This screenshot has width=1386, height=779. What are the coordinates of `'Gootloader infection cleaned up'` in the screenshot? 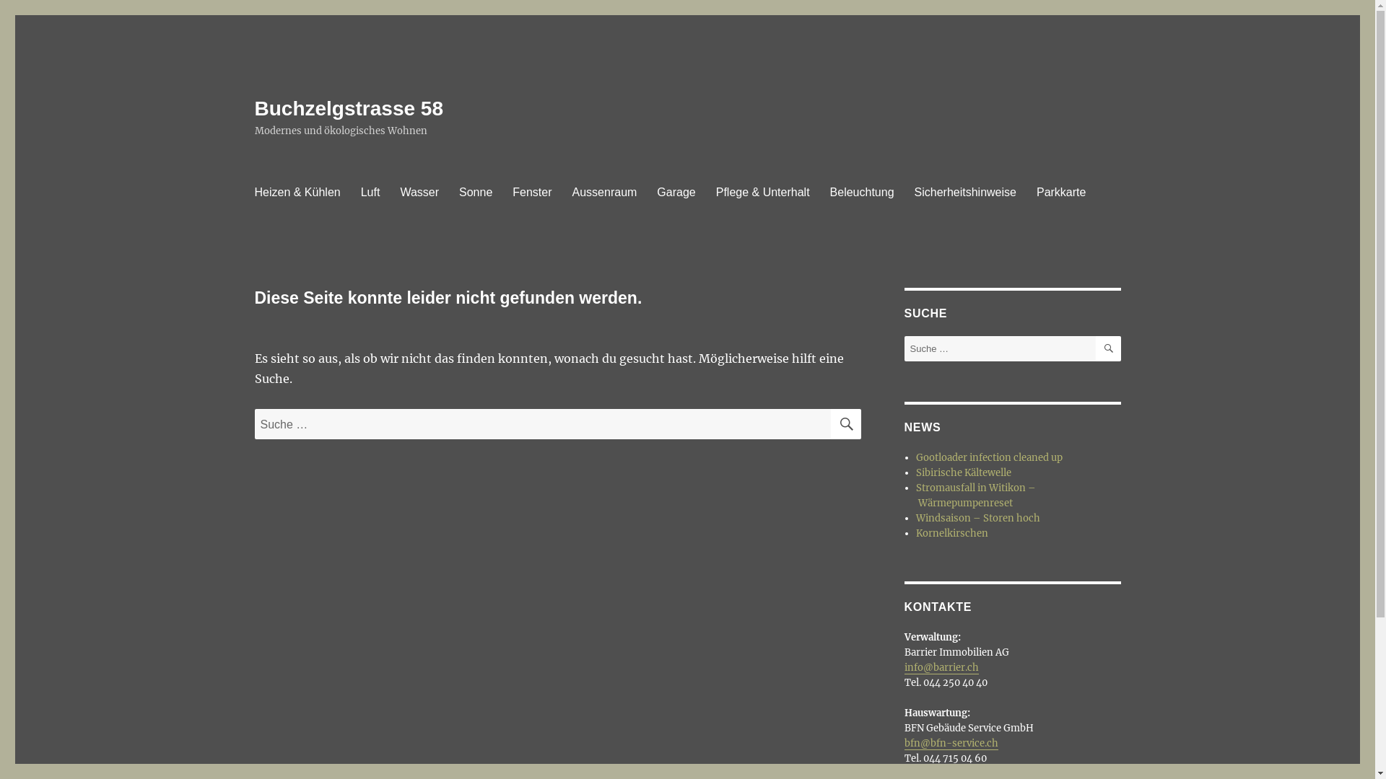 It's located at (988, 457).